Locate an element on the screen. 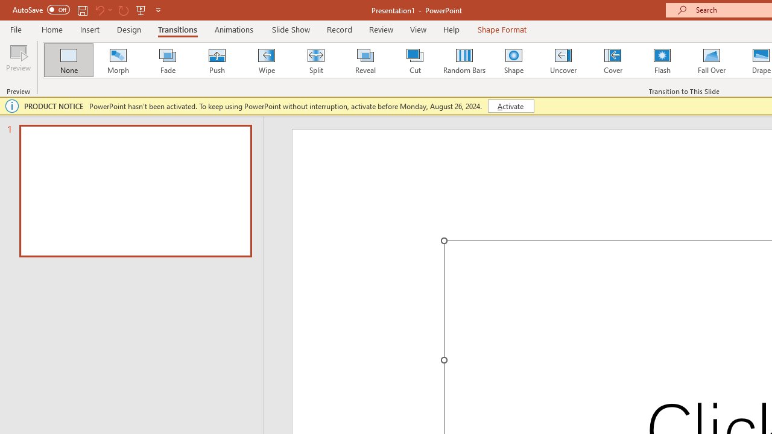 The height and width of the screenshot is (434, 772). 'Activate' is located at coordinates (511, 105).